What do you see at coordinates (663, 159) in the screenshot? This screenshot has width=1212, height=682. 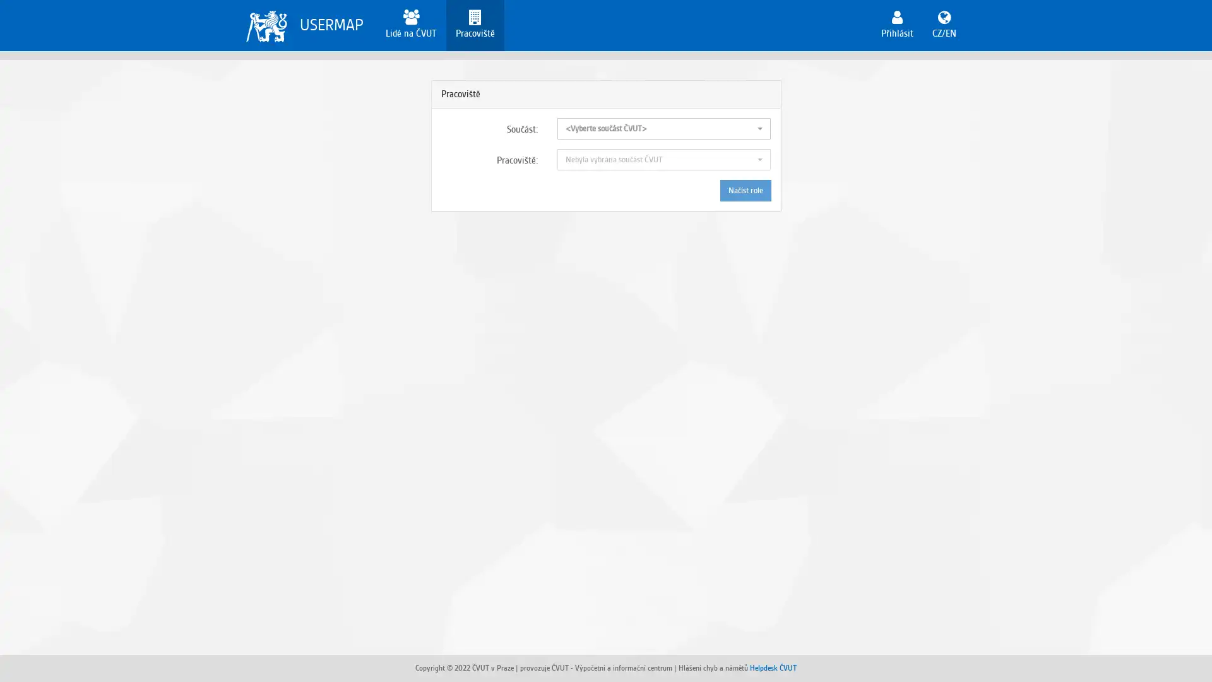 I see `Nebyla vybrana soucast CVUT` at bounding box center [663, 159].